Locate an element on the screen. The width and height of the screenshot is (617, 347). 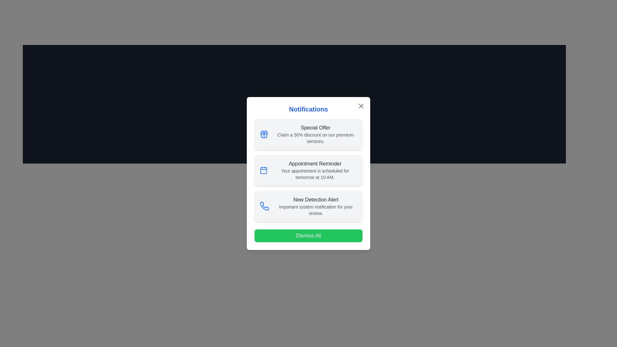
the text label that conveys the title of the alert or notification is located at coordinates (316, 199).